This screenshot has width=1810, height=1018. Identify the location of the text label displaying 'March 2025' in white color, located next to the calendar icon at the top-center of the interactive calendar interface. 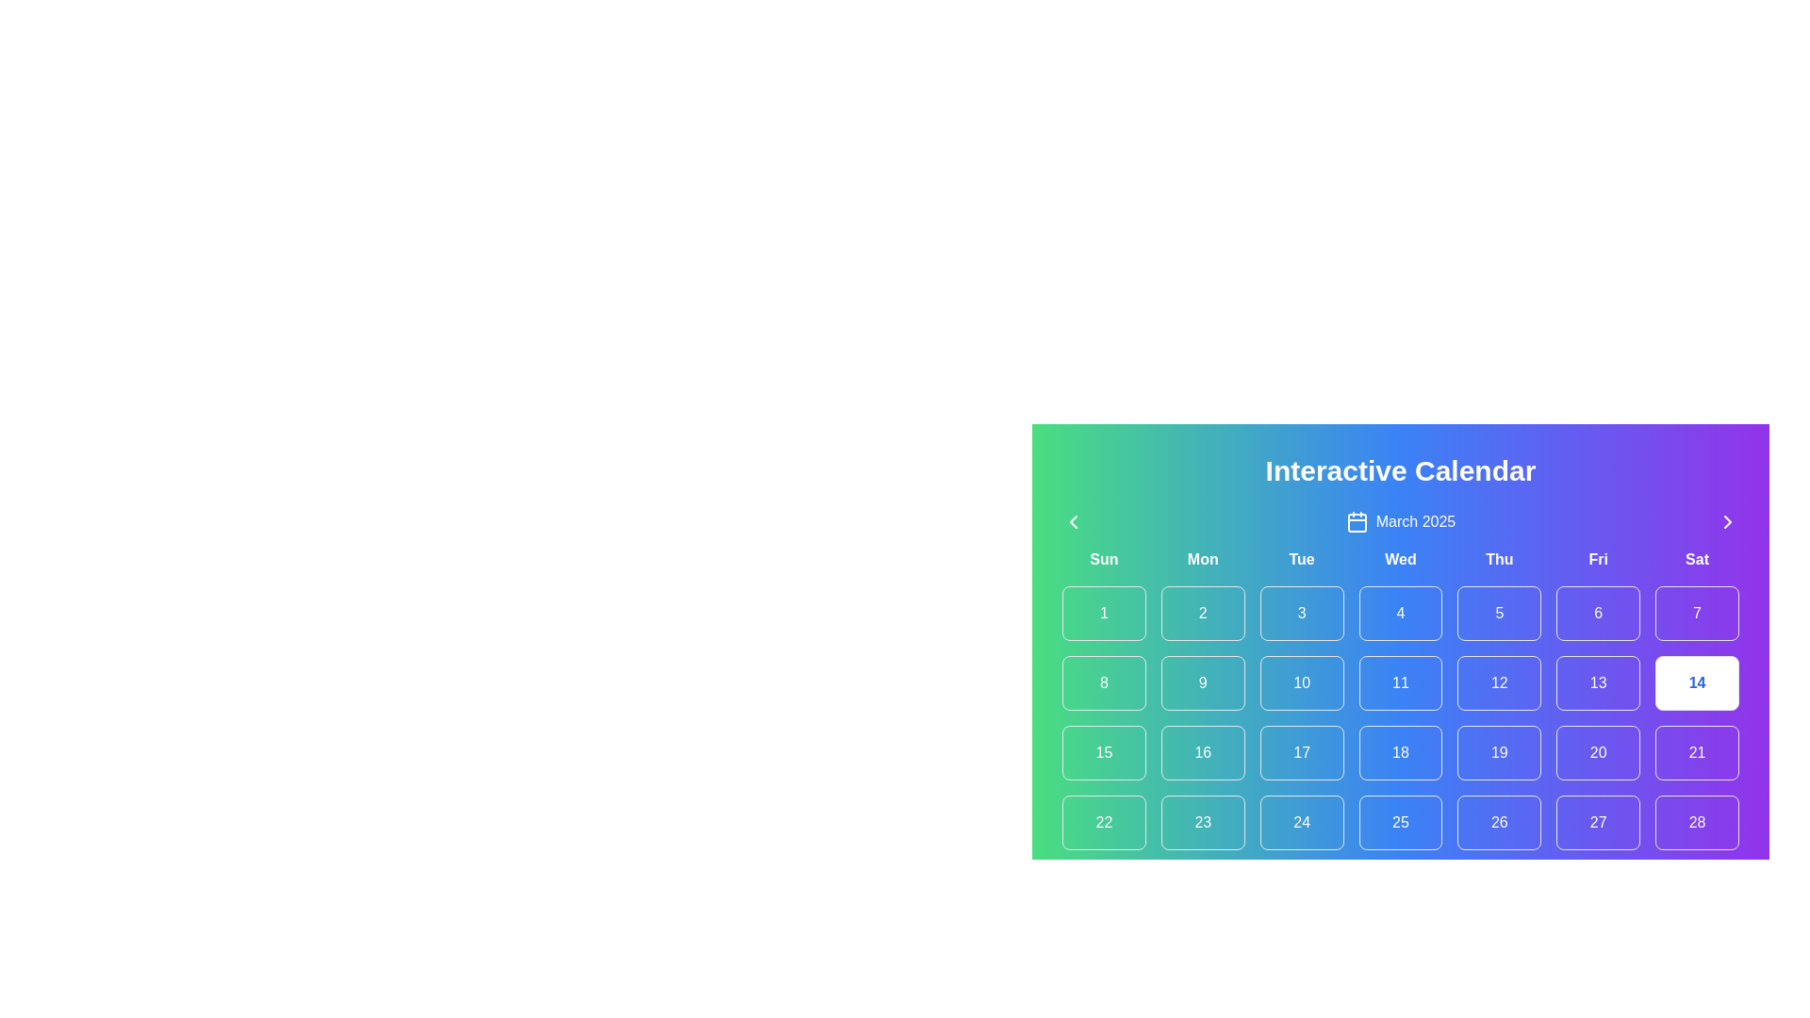
(1416, 522).